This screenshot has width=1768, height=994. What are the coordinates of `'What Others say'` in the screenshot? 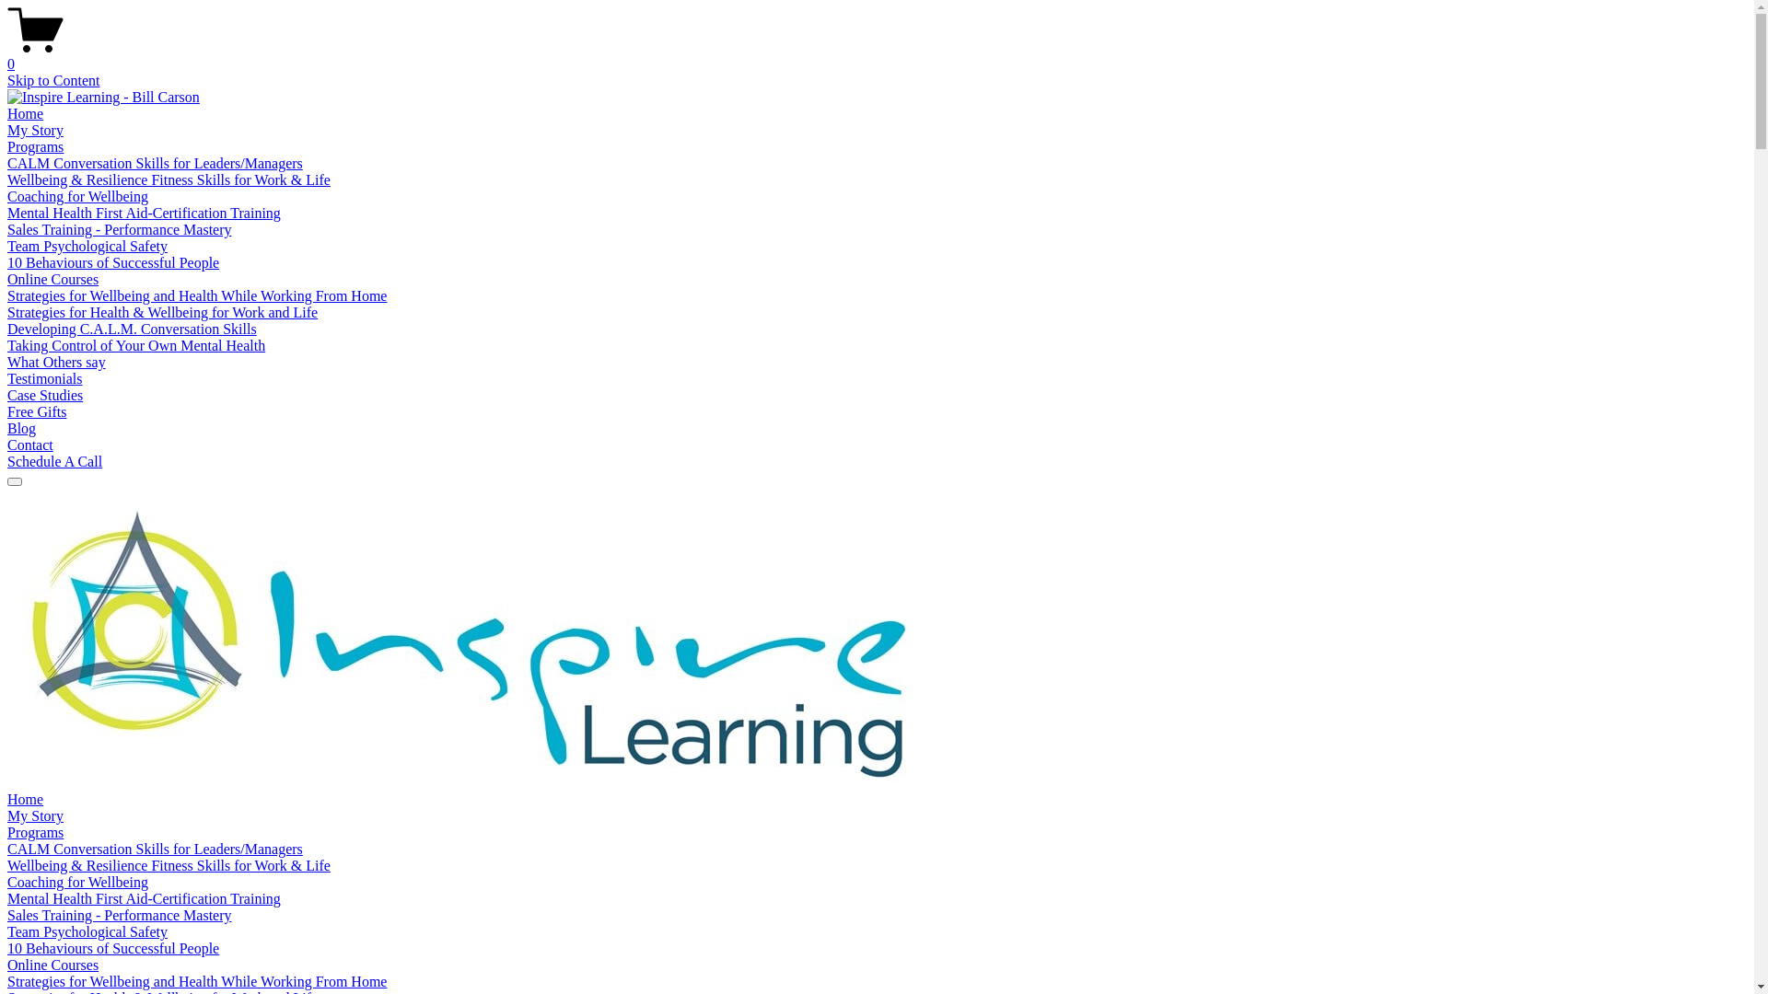 It's located at (7, 362).